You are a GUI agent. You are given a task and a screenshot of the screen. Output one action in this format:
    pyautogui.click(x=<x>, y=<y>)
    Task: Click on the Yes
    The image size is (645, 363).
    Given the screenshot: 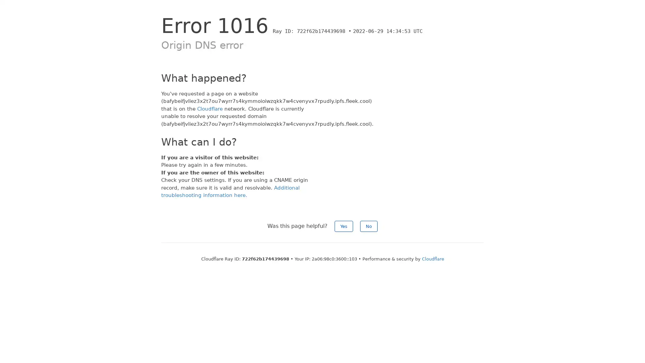 What is the action you would take?
    pyautogui.click(x=344, y=226)
    